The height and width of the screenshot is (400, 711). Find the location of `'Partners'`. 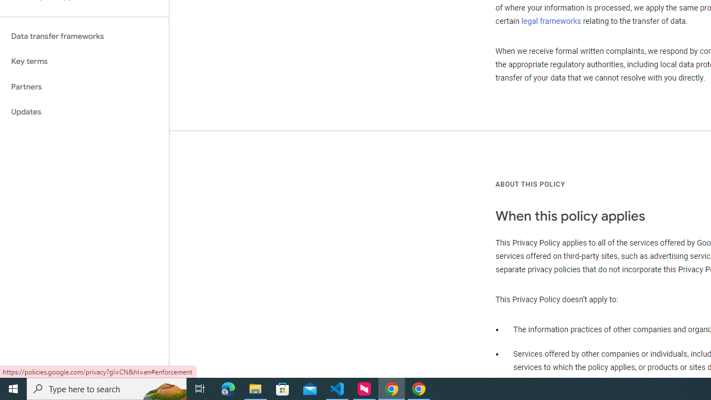

'Partners' is located at coordinates (84, 86).